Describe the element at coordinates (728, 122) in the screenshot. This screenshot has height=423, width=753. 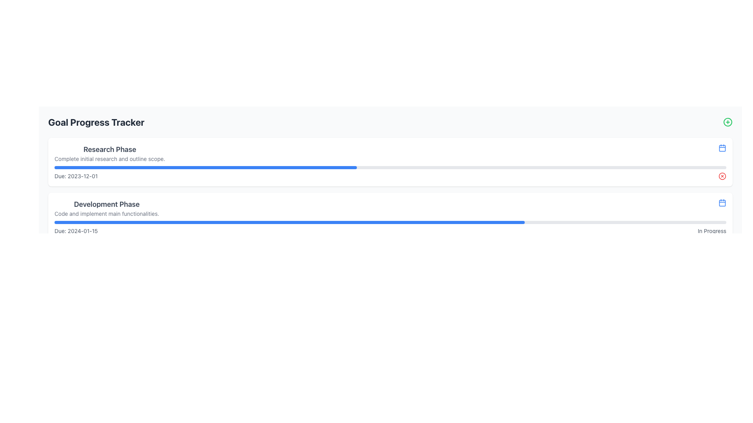
I see `the SVG circle element in the top-right corner that represents a 'plus' action, indicating the ability to add items` at that location.